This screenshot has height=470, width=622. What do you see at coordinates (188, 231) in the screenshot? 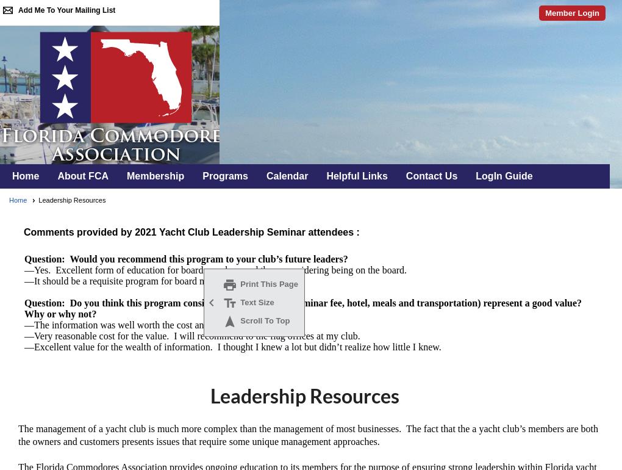
I see `'Comments provided by 2021 Yacht Club Leadership Seminar attendees :'` at bounding box center [188, 231].